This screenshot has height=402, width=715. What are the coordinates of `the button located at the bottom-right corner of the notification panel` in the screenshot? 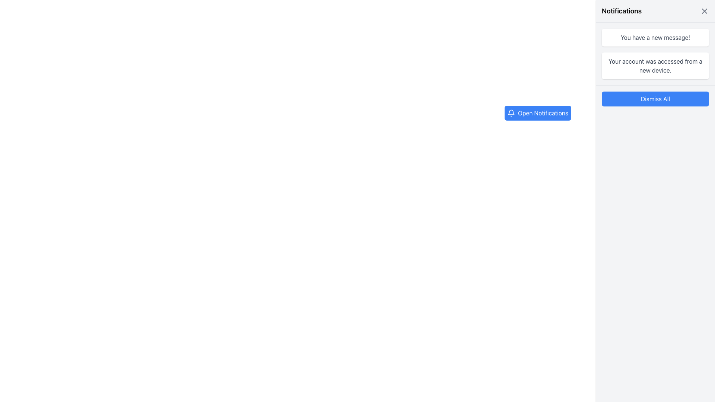 It's located at (655, 99).